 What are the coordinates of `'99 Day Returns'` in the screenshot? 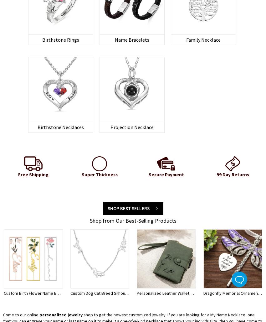 It's located at (232, 174).